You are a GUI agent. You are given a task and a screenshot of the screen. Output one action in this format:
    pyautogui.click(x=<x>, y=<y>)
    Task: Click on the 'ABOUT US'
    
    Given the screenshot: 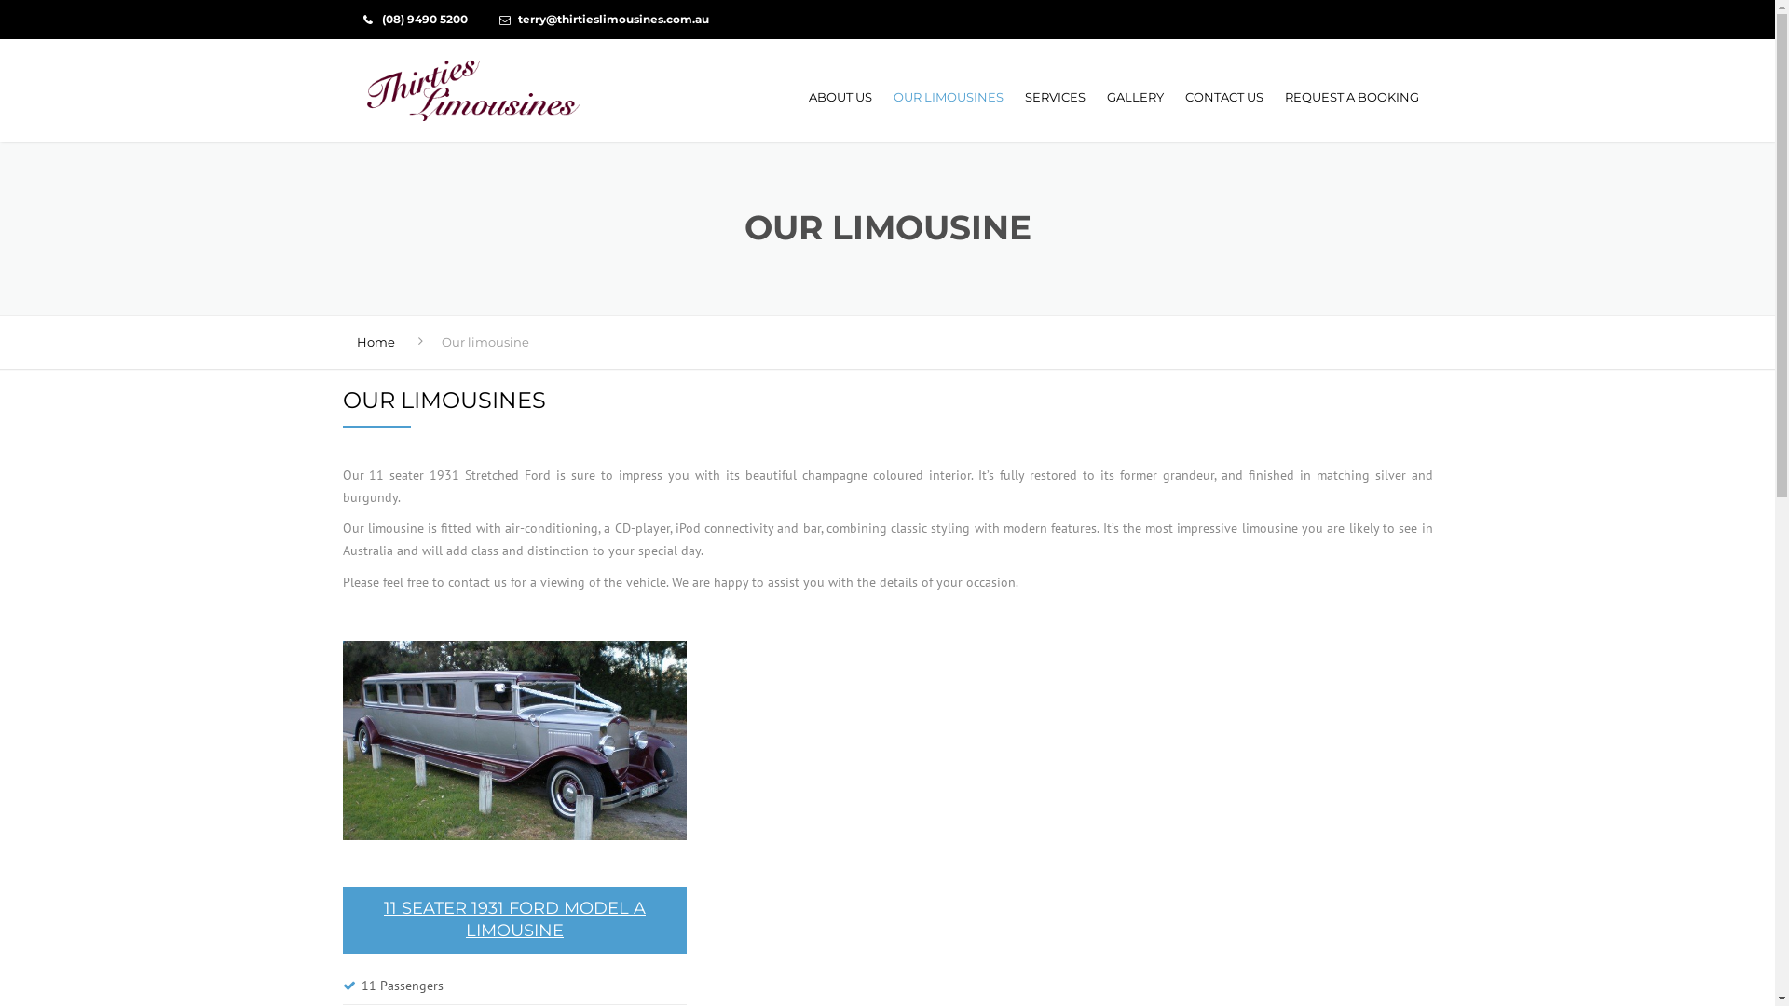 What is the action you would take?
    pyautogui.click(x=799, y=97)
    